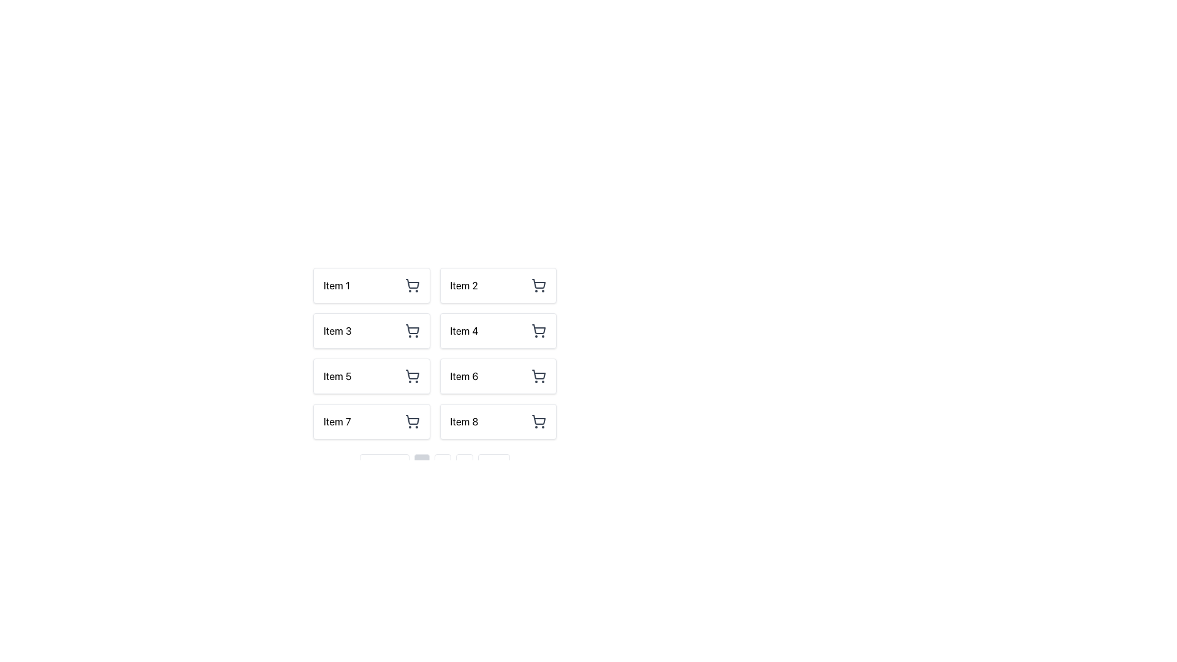 The height and width of the screenshot is (662, 1177). I want to click on the text label displaying 'Item 2', located in the upper-right area of the grid layout, adjacent to a shopping cart icon, so click(463, 286).